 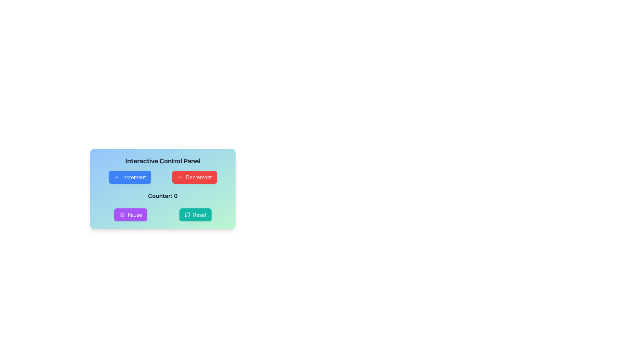 I want to click on the left vertical bar of the pause icon within the purple 'Pause' button located on the bottom-left side of the interactive control panel, so click(x=121, y=215).